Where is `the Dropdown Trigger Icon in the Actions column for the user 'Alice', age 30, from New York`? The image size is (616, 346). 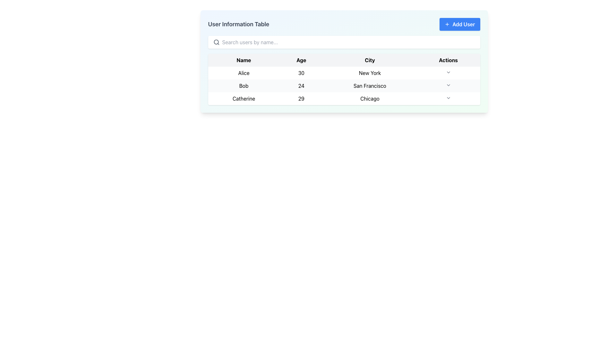
the Dropdown Trigger Icon in the Actions column for the user 'Alice', age 30, from New York is located at coordinates (448, 72).